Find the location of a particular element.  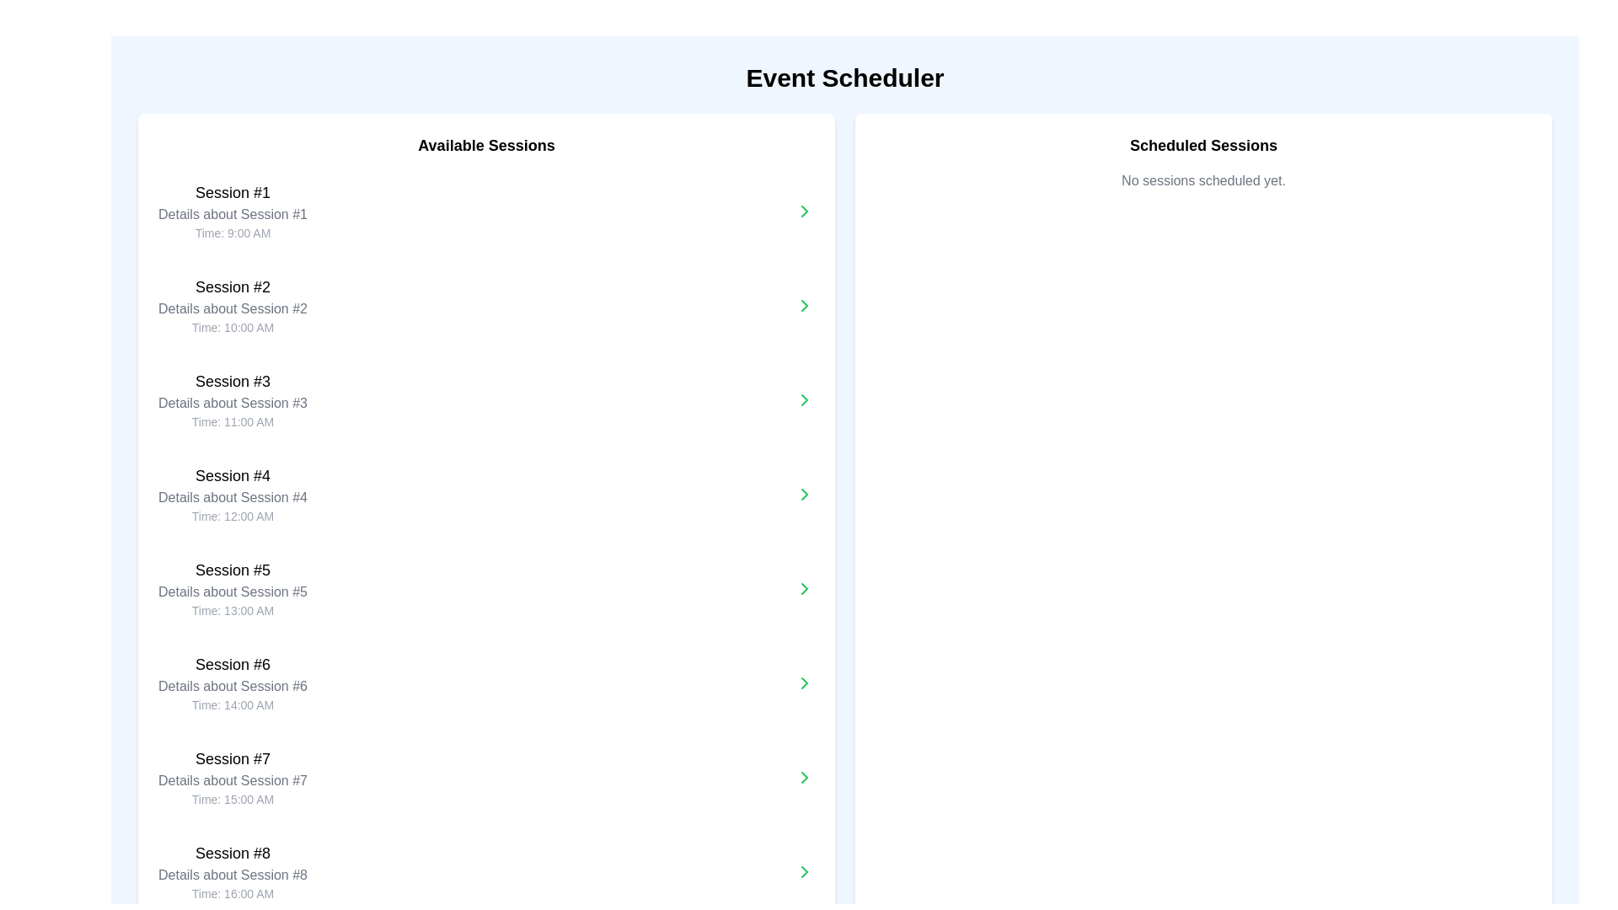

the Text Label displaying 'Time: 14:00 AM' located within the 'Session #6' section under 'Available Sessions' is located at coordinates (232, 705).